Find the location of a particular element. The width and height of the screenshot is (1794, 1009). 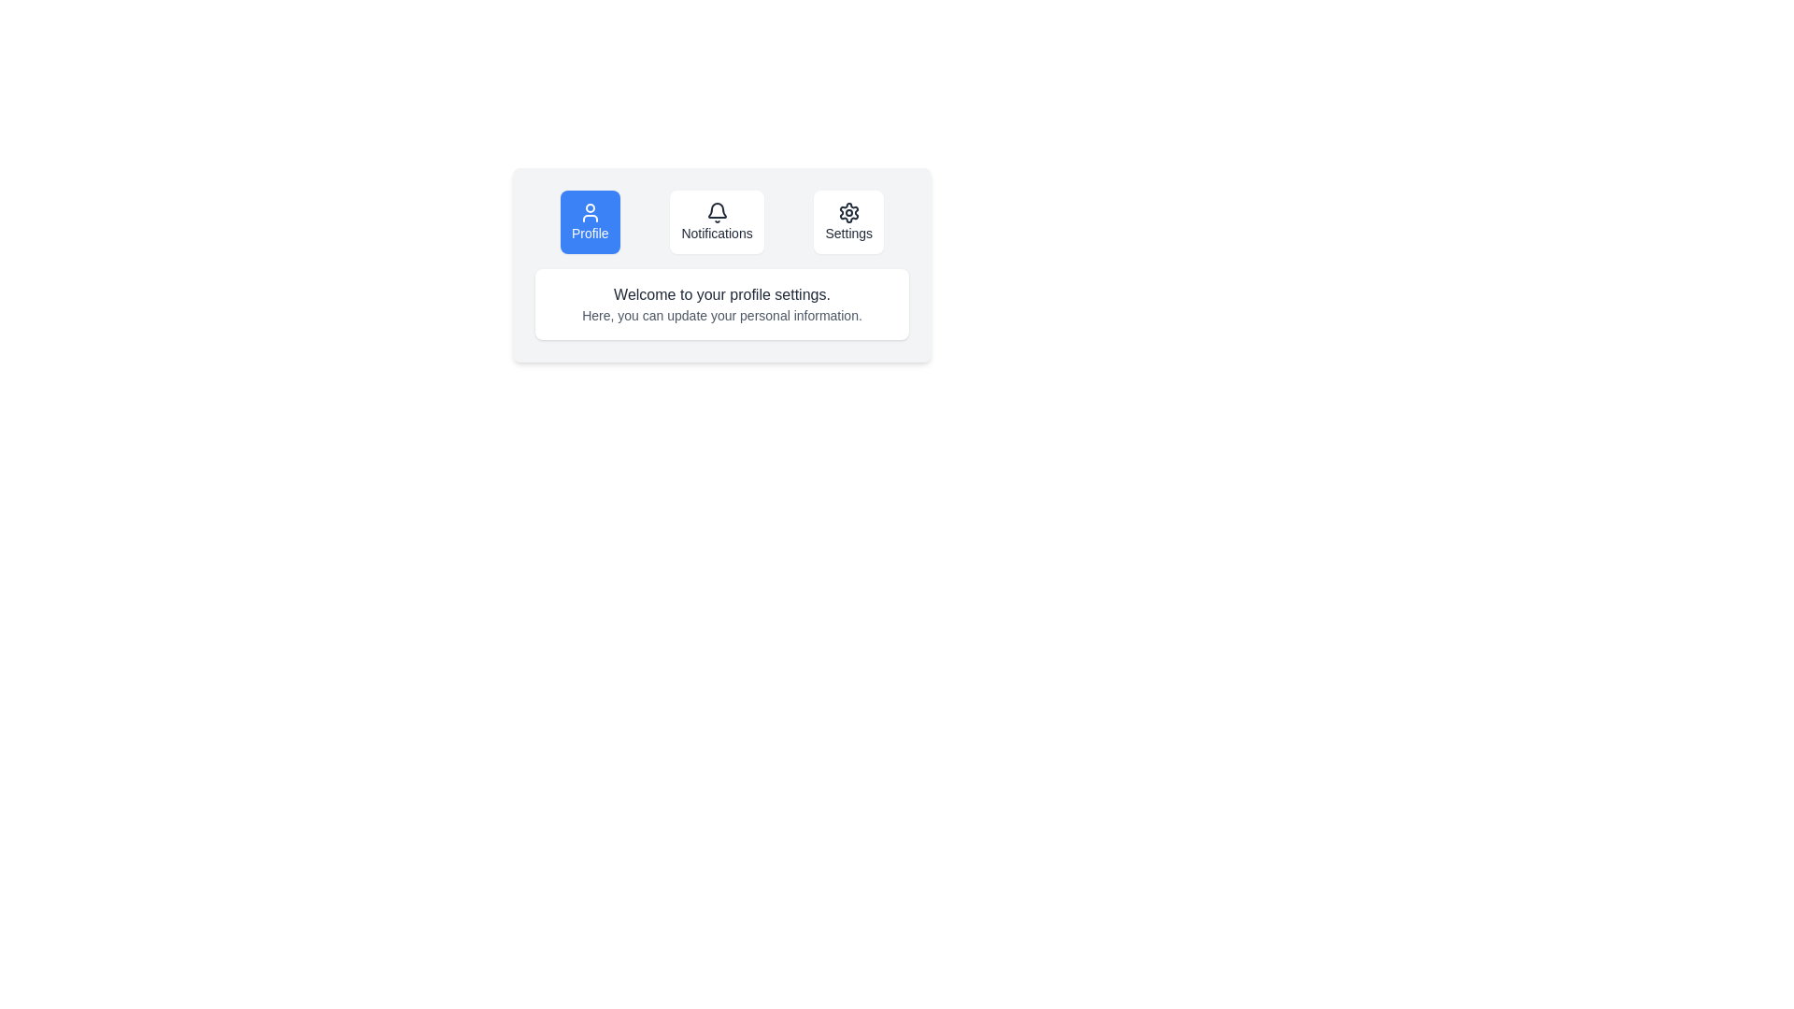

the Notifications button is located at coordinates (716, 221).